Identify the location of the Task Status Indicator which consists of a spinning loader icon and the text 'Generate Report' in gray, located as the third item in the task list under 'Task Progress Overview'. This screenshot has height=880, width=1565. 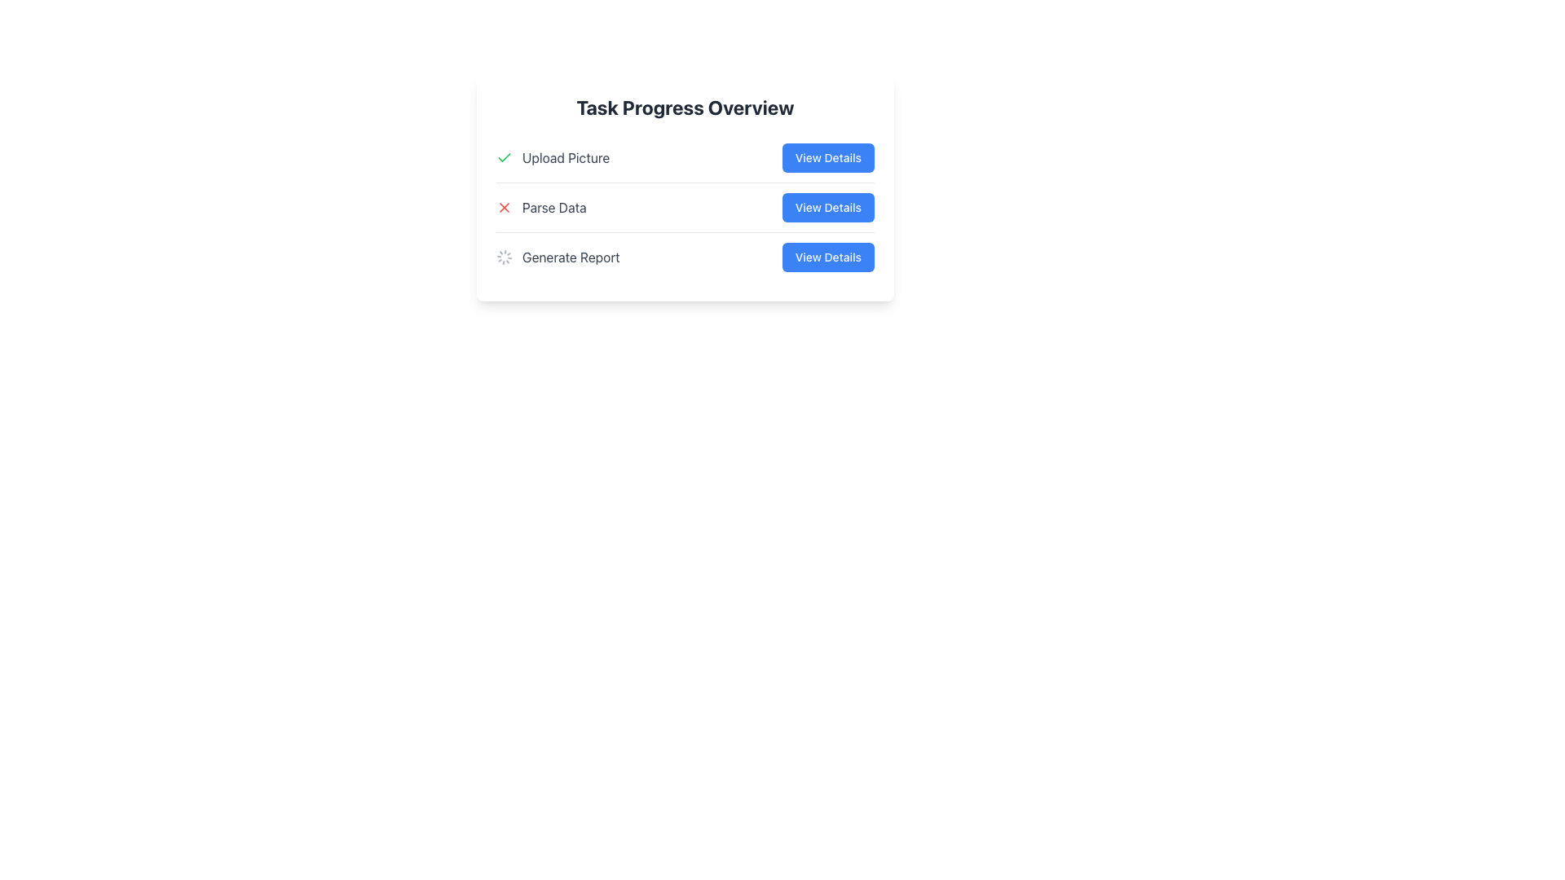
(558, 257).